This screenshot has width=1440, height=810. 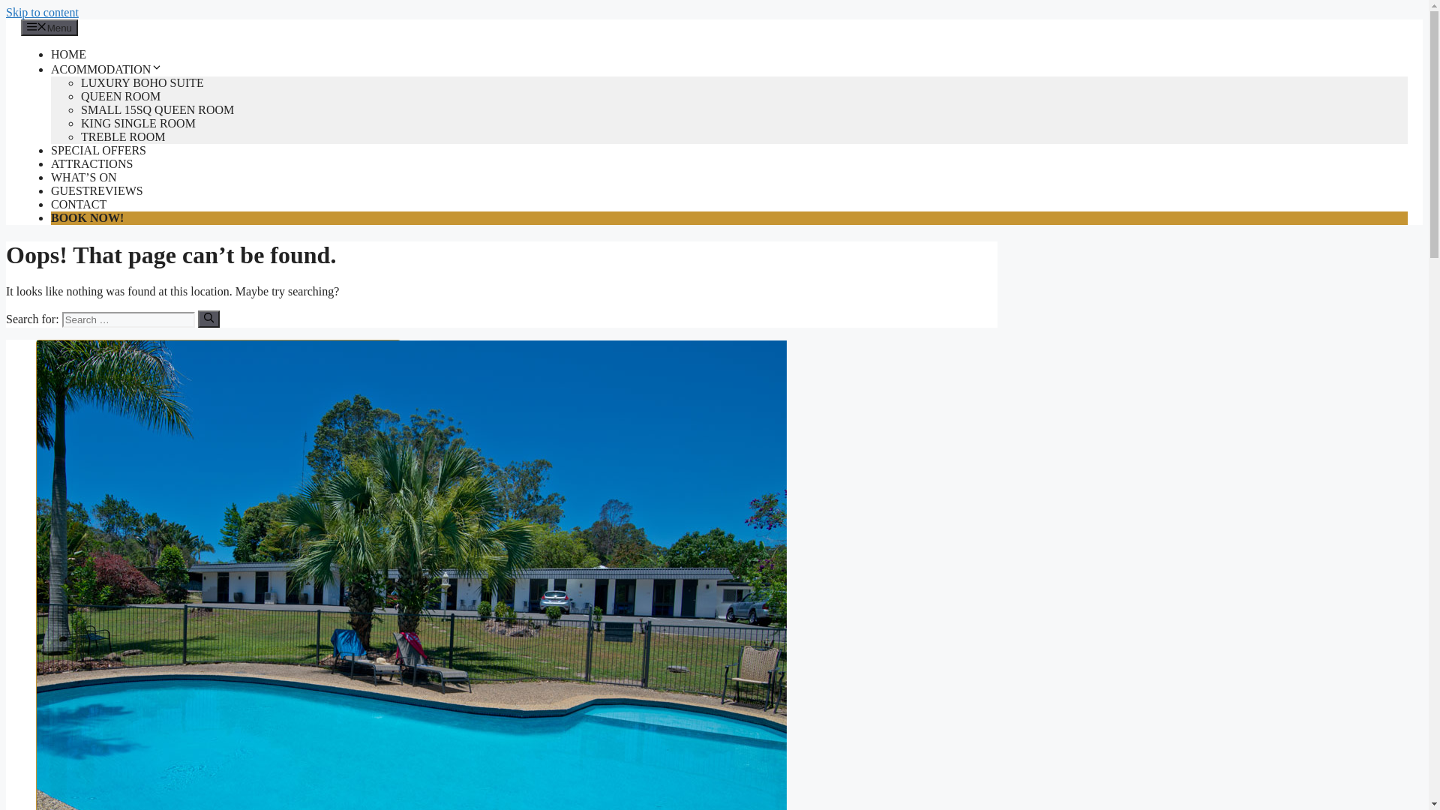 I want to click on 'SMALL 15SQ QUEEN ROOM', so click(x=157, y=109).